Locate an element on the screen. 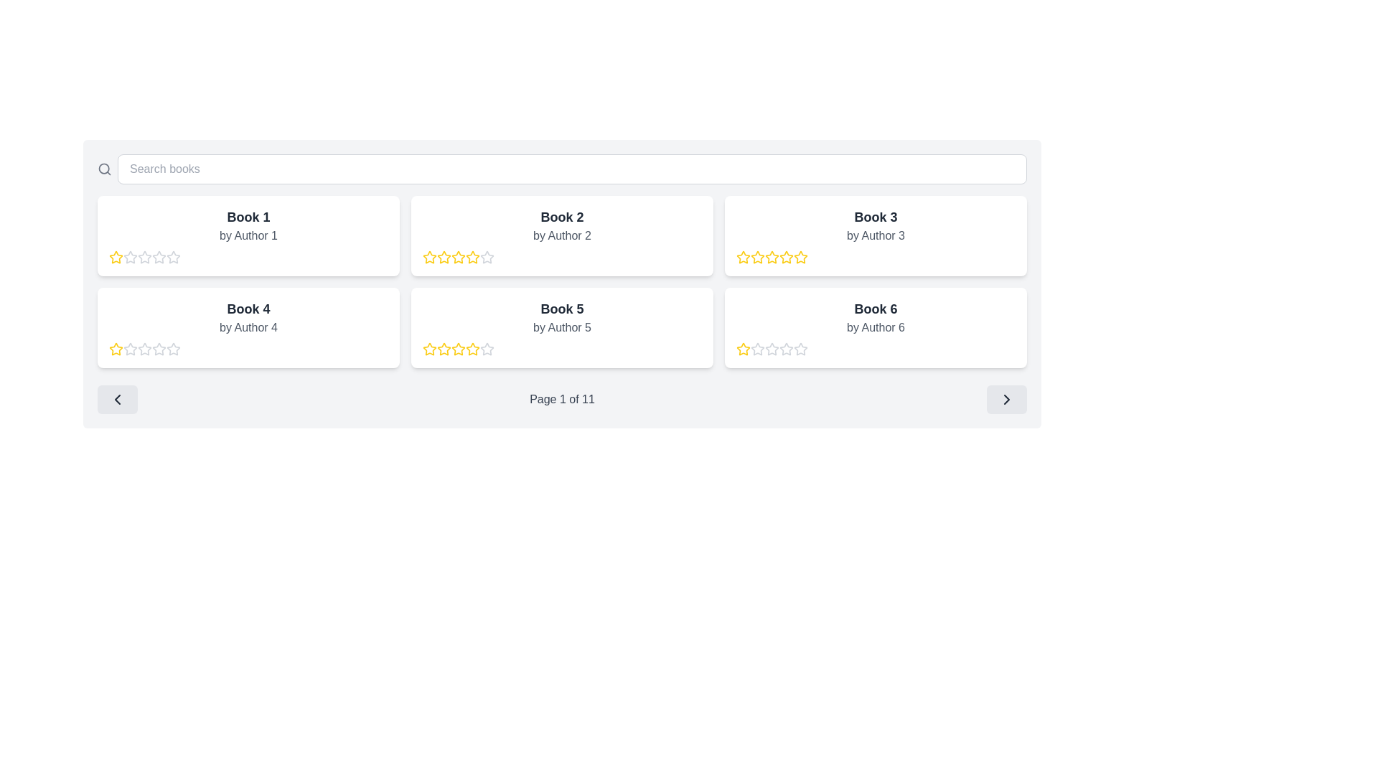  the third star icon in the rating section of the card for 'Book 2' by 'Author 2' to provide a rating is located at coordinates (428, 256).